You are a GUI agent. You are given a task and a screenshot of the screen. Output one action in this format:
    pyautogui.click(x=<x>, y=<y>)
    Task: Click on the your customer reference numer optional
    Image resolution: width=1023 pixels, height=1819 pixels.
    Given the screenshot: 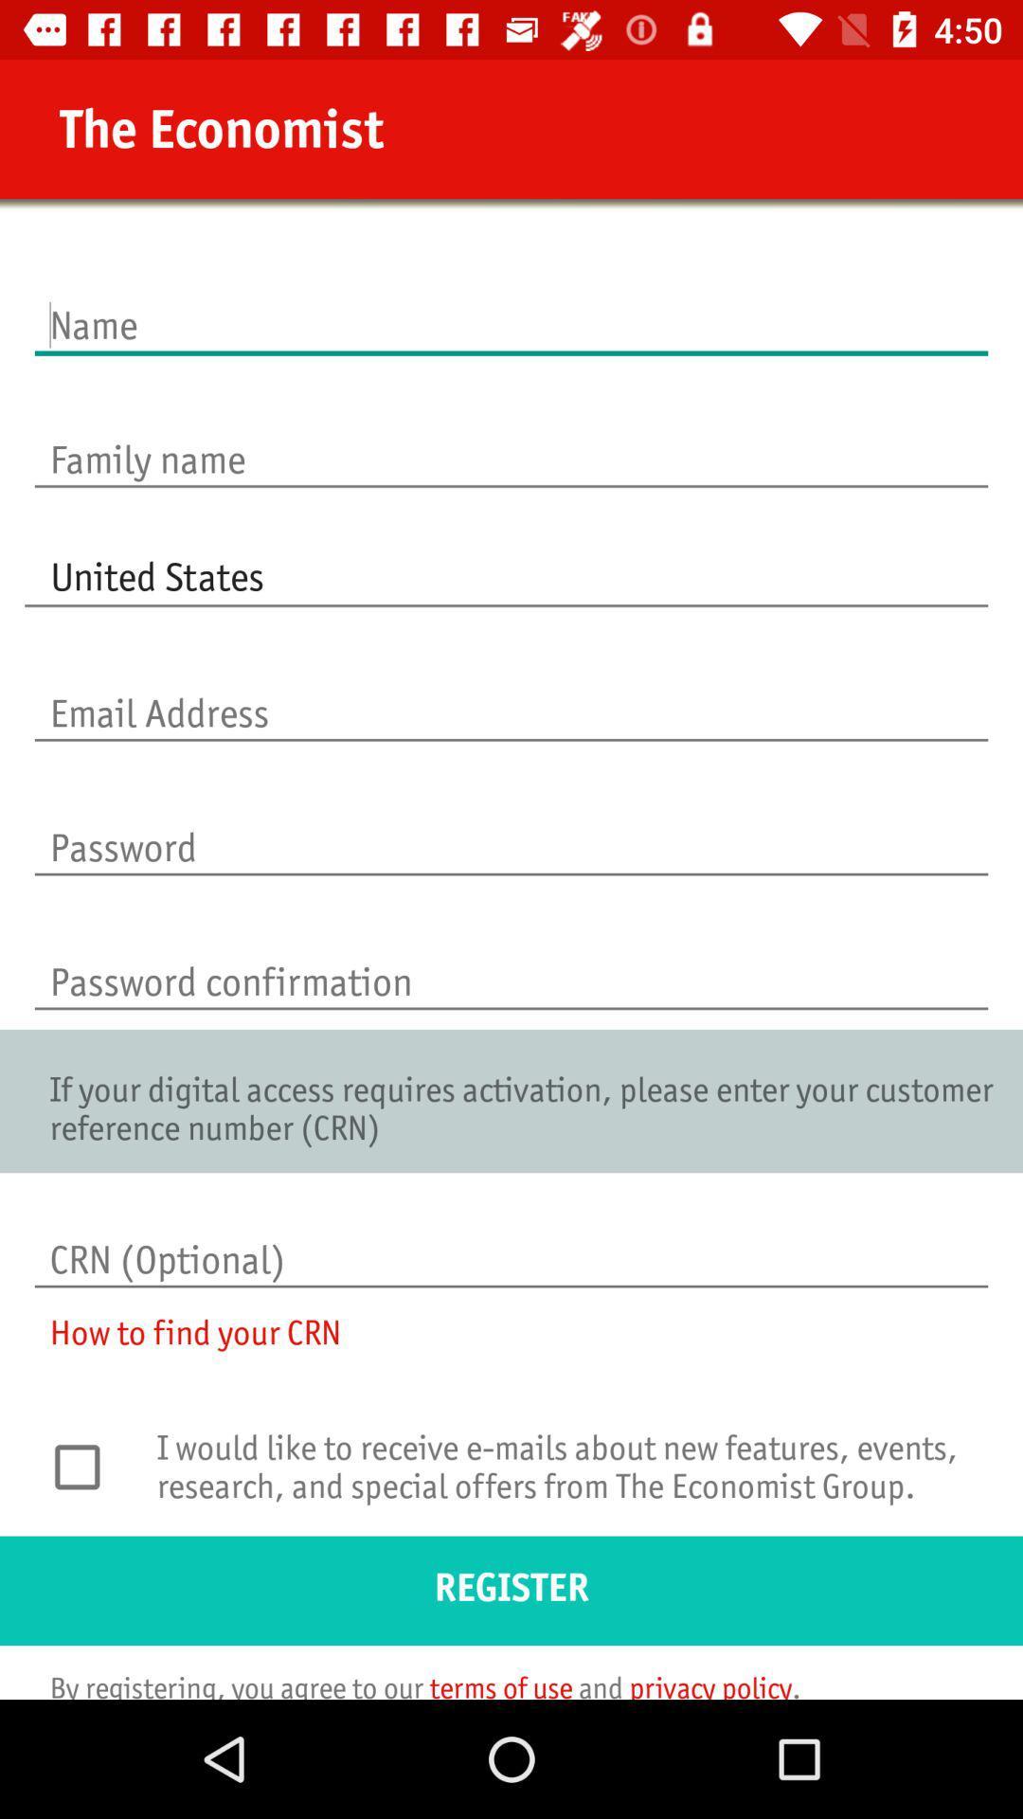 What is the action you would take?
    pyautogui.click(x=511, y=1240)
    